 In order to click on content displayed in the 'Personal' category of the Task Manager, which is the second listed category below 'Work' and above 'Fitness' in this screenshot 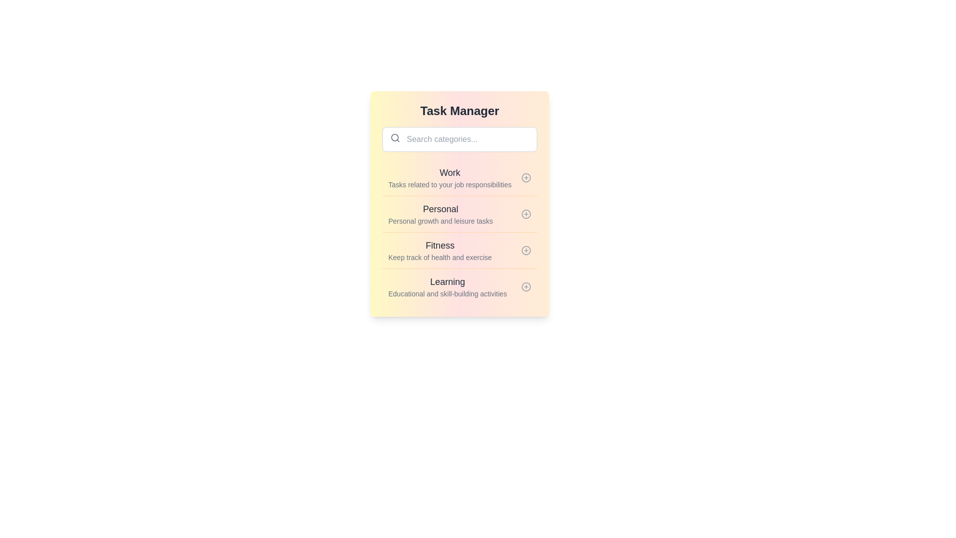, I will do `click(440, 213)`.